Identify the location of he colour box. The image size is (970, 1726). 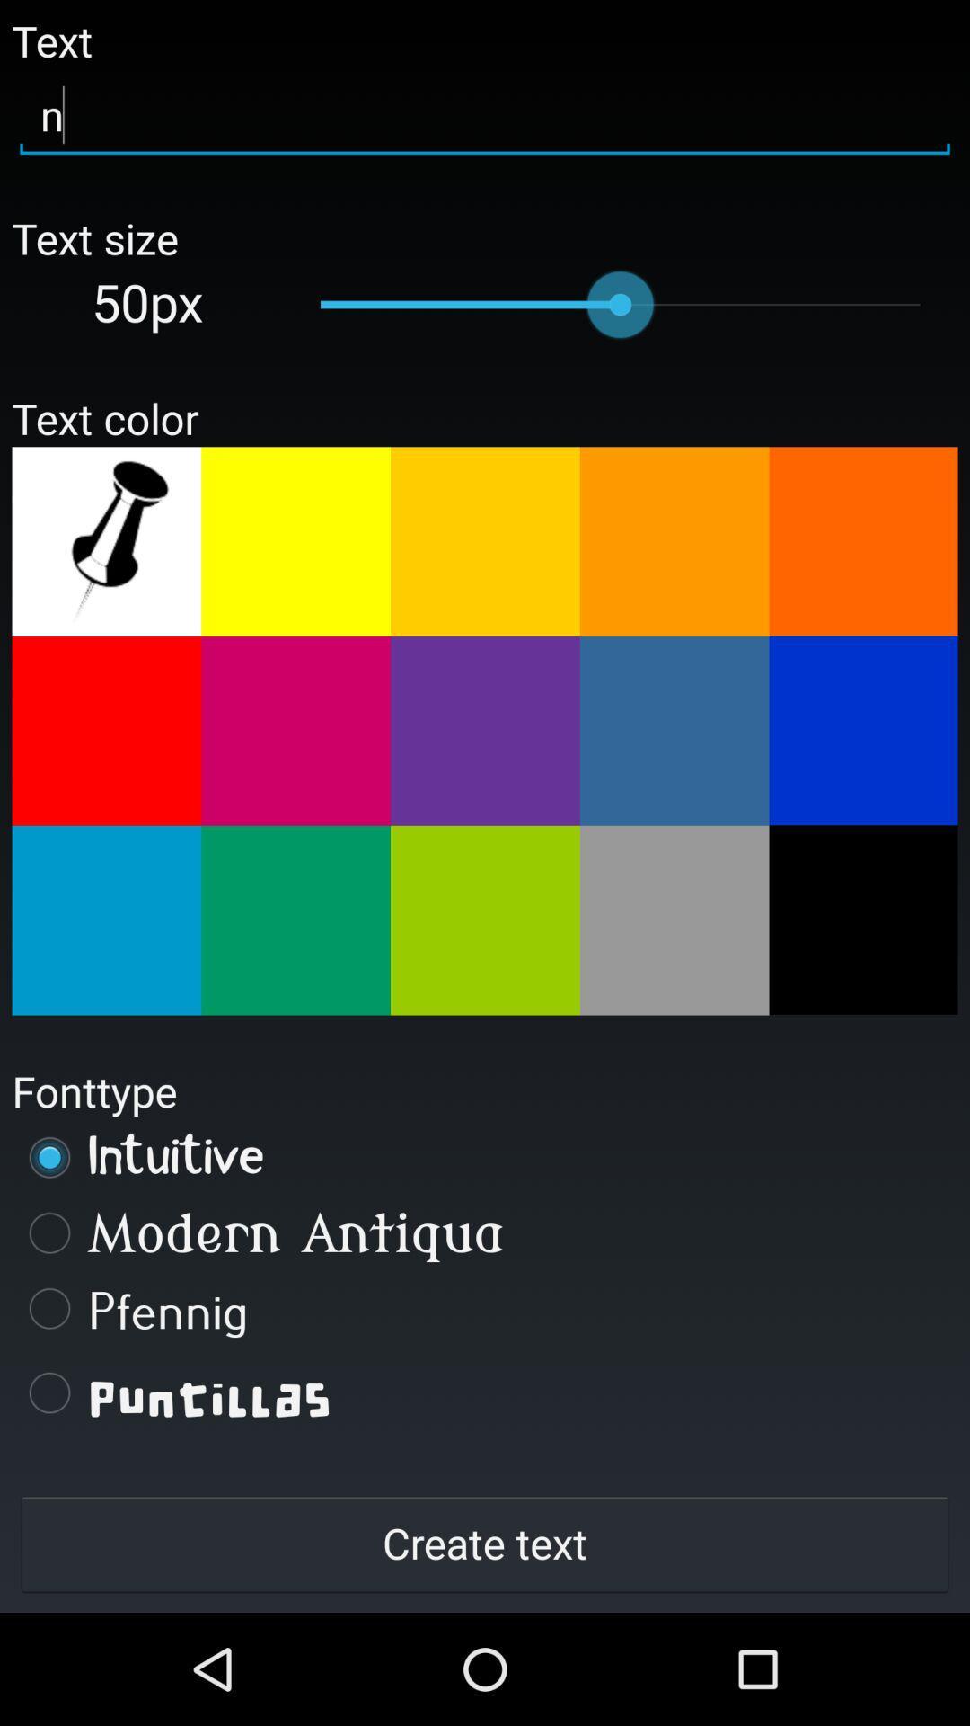
(862, 540).